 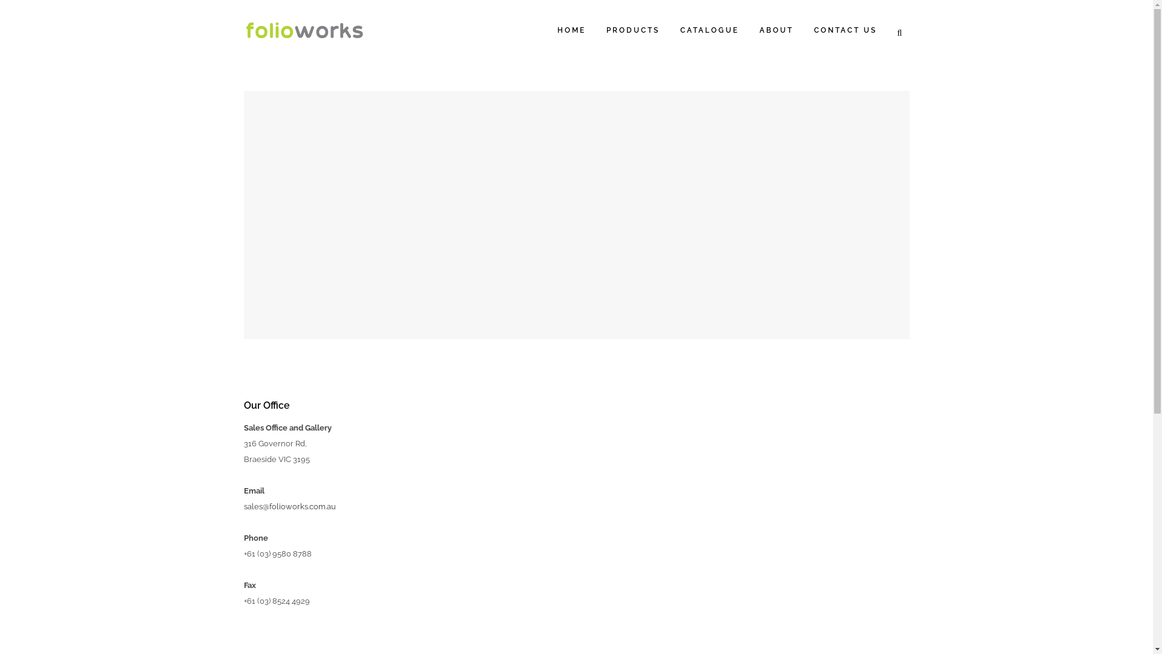 I want to click on 'CONTACT US', so click(x=804, y=30).